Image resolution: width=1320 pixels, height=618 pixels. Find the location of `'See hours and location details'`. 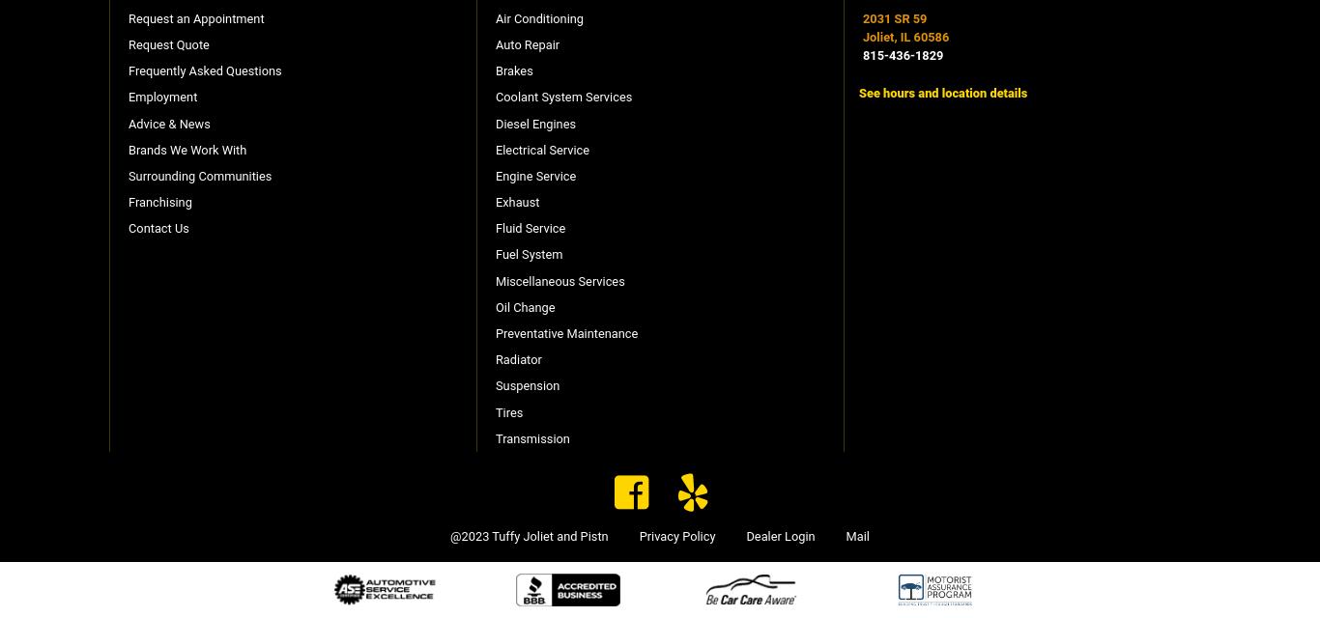

'See hours and location details' is located at coordinates (857, 92).